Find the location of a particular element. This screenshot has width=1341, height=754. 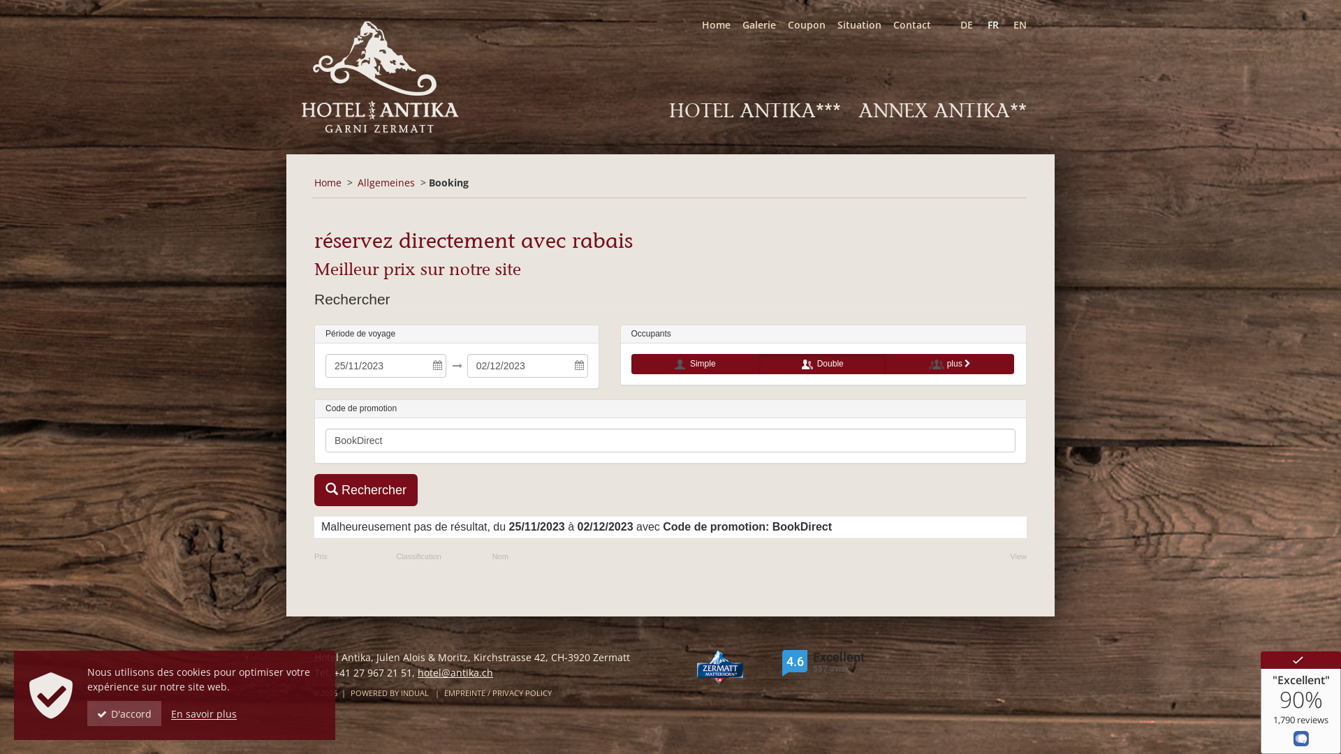

'ANNEX ANTIKA**' is located at coordinates (942, 110).